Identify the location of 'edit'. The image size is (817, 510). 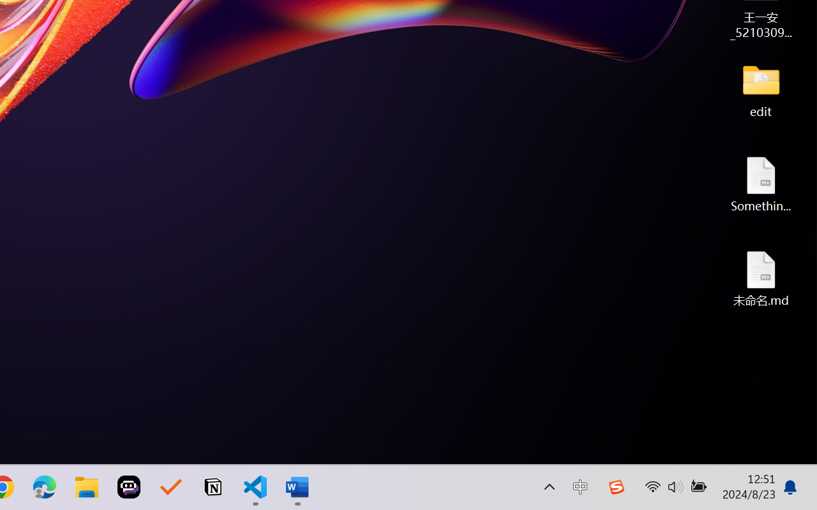
(761, 89).